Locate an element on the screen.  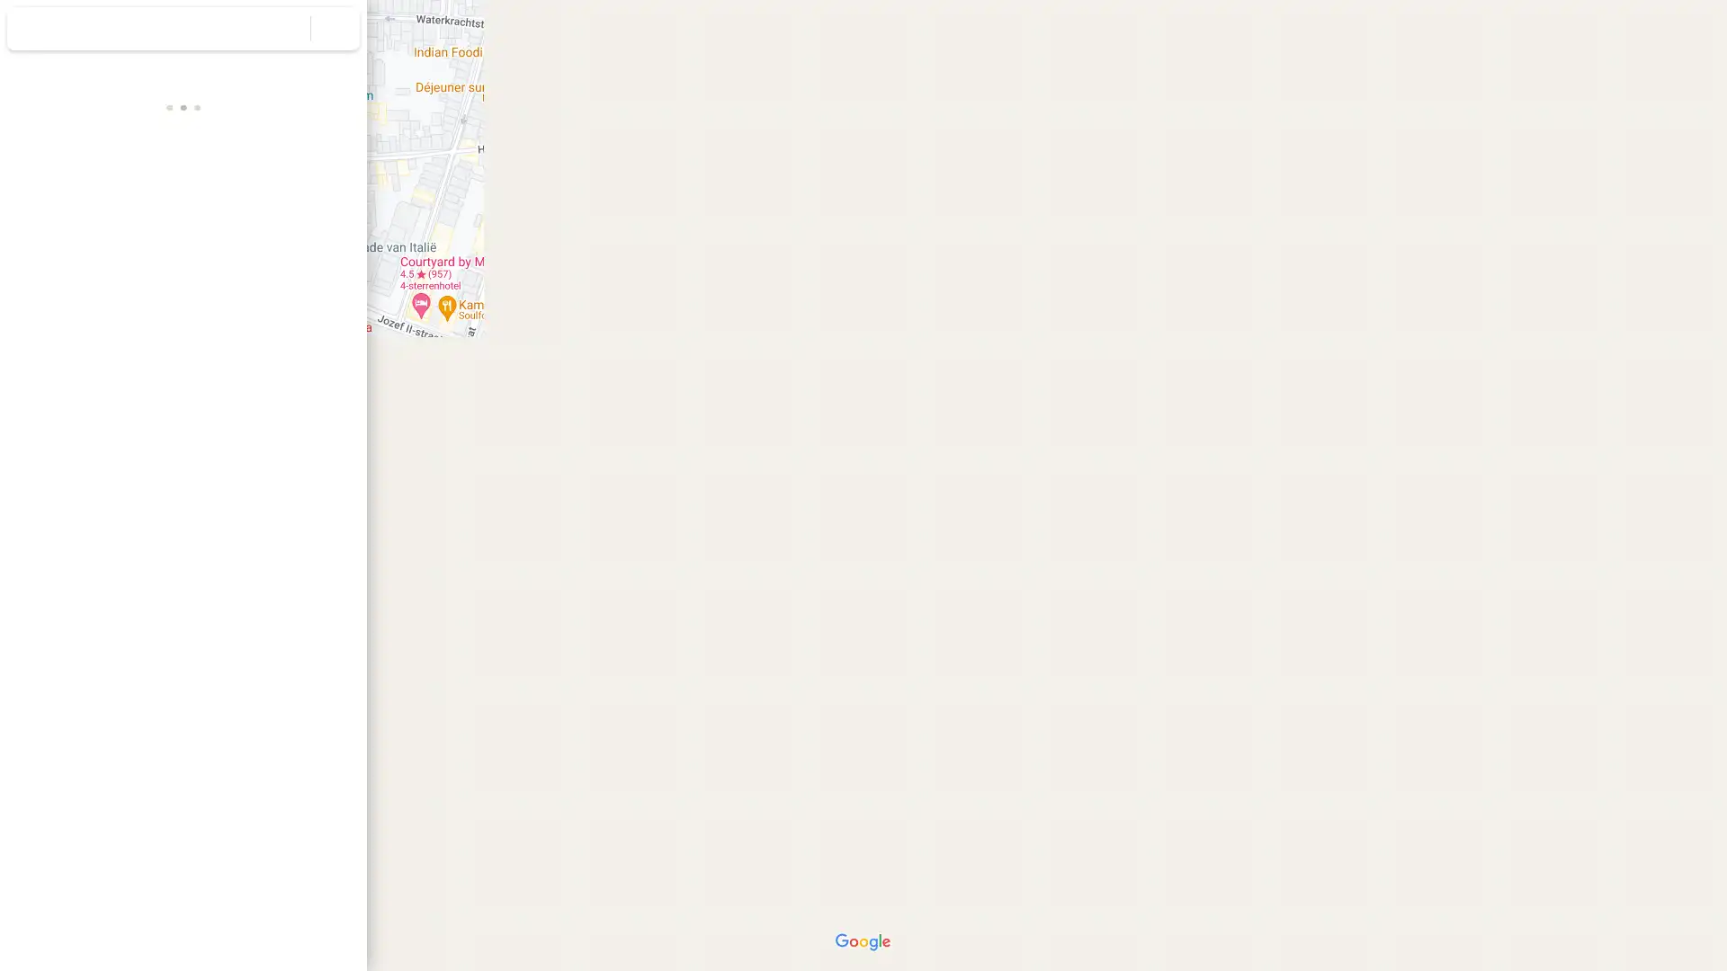
Menu is located at coordinates (31, 31).